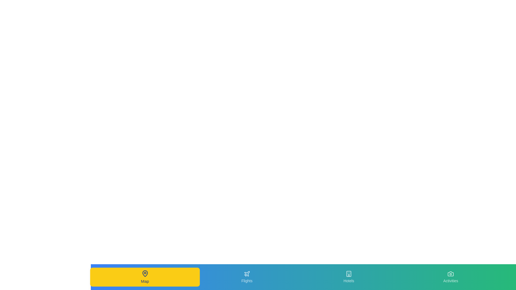 The image size is (516, 290). What do you see at coordinates (145, 277) in the screenshot?
I see `the Map navigation tab to change the view` at bounding box center [145, 277].